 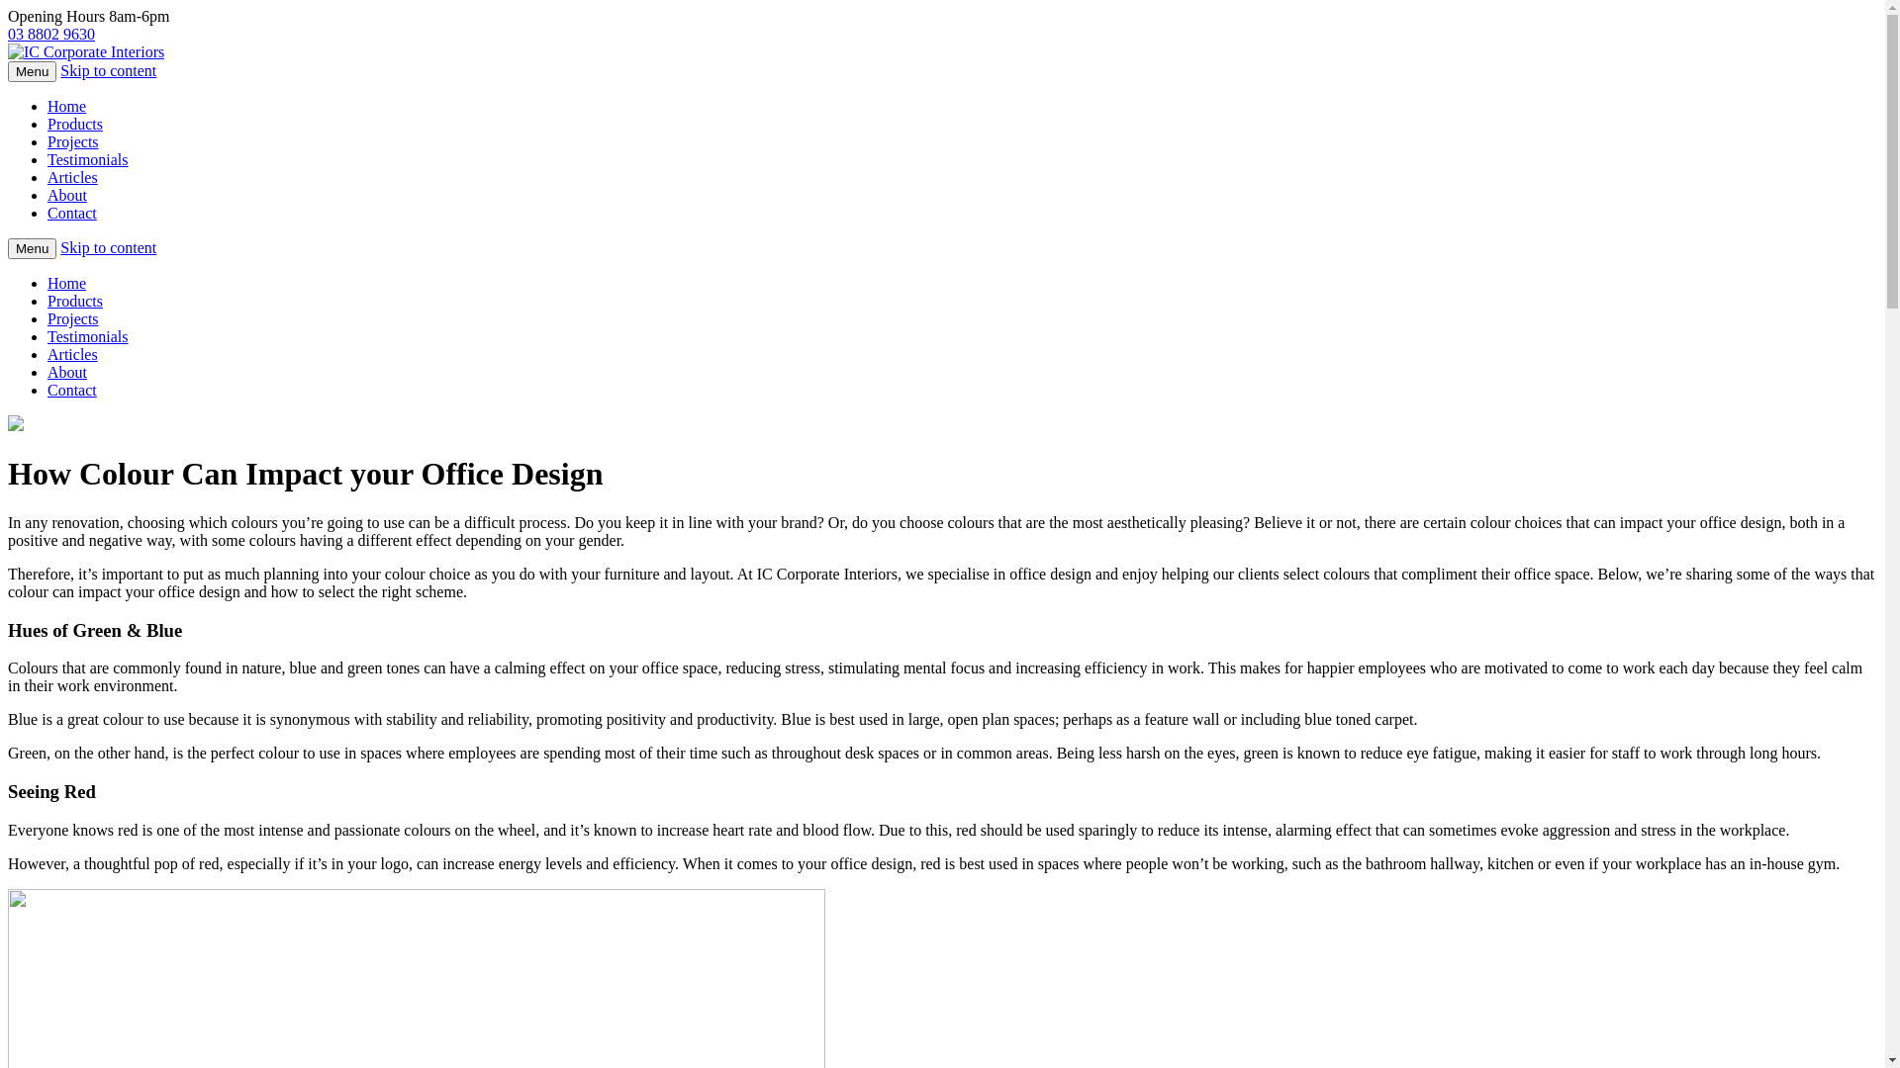 What do you see at coordinates (8, 50) in the screenshot?
I see `'Office Fitouts Melbourne | Commercial'` at bounding box center [8, 50].